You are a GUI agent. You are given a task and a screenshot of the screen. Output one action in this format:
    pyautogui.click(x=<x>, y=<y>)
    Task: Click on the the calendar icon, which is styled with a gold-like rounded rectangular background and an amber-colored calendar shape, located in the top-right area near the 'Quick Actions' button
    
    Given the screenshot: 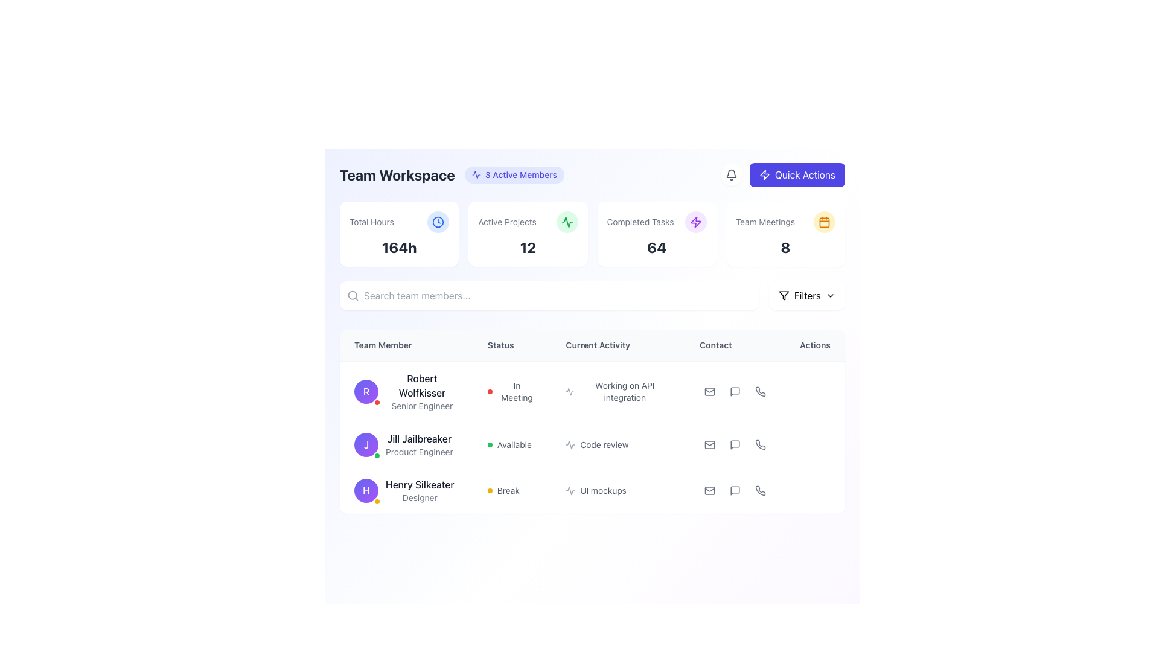 What is the action you would take?
    pyautogui.click(x=824, y=222)
    